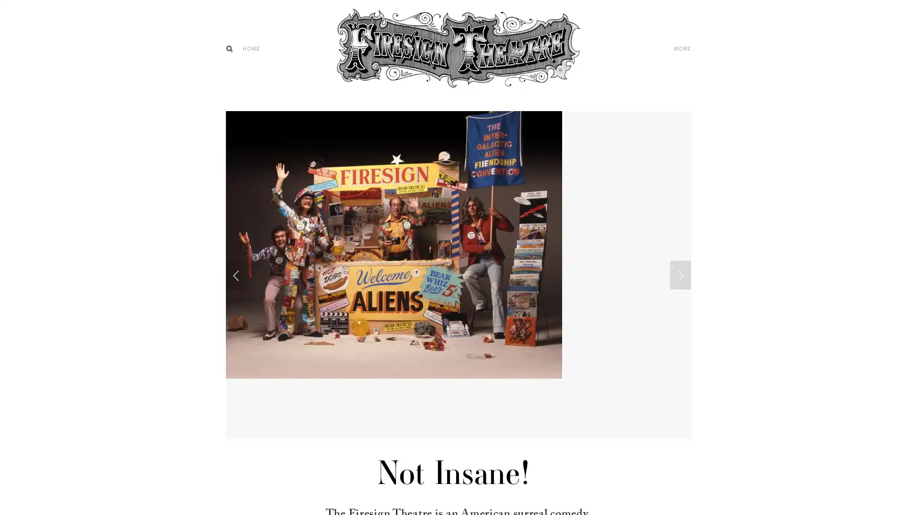 The width and height of the screenshot is (917, 515). I want to click on Previous Slide, so click(236, 274).